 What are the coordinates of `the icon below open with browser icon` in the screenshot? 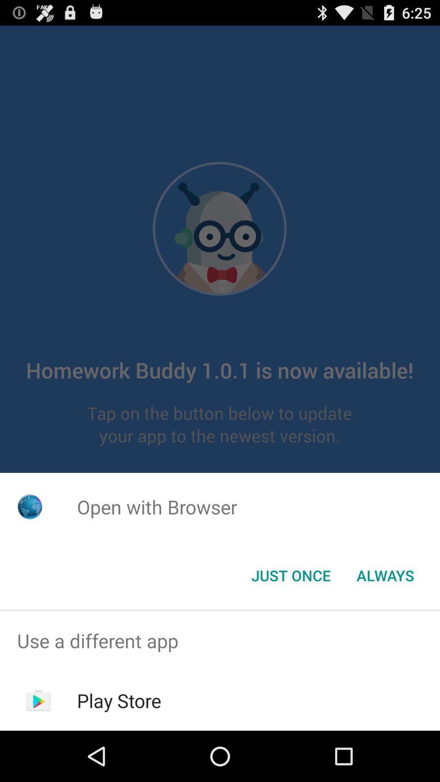 It's located at (290, 575).